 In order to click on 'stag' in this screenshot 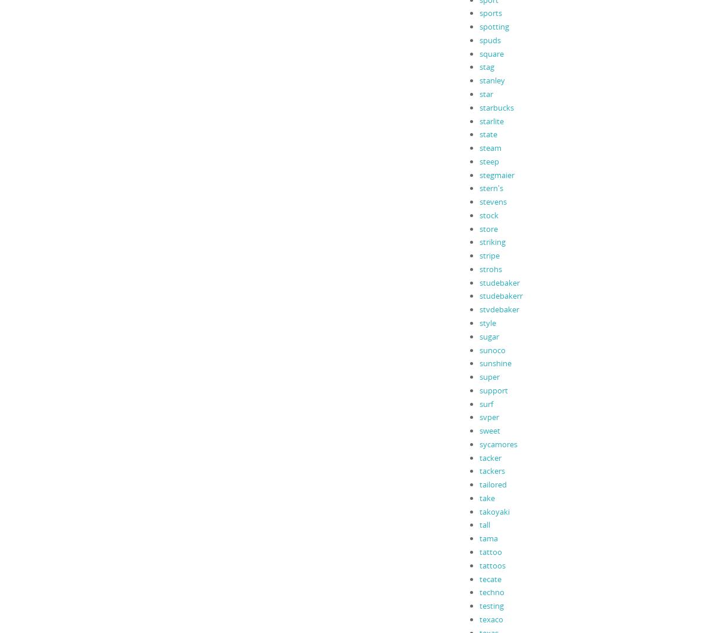, I will do `click(486, 66)`.